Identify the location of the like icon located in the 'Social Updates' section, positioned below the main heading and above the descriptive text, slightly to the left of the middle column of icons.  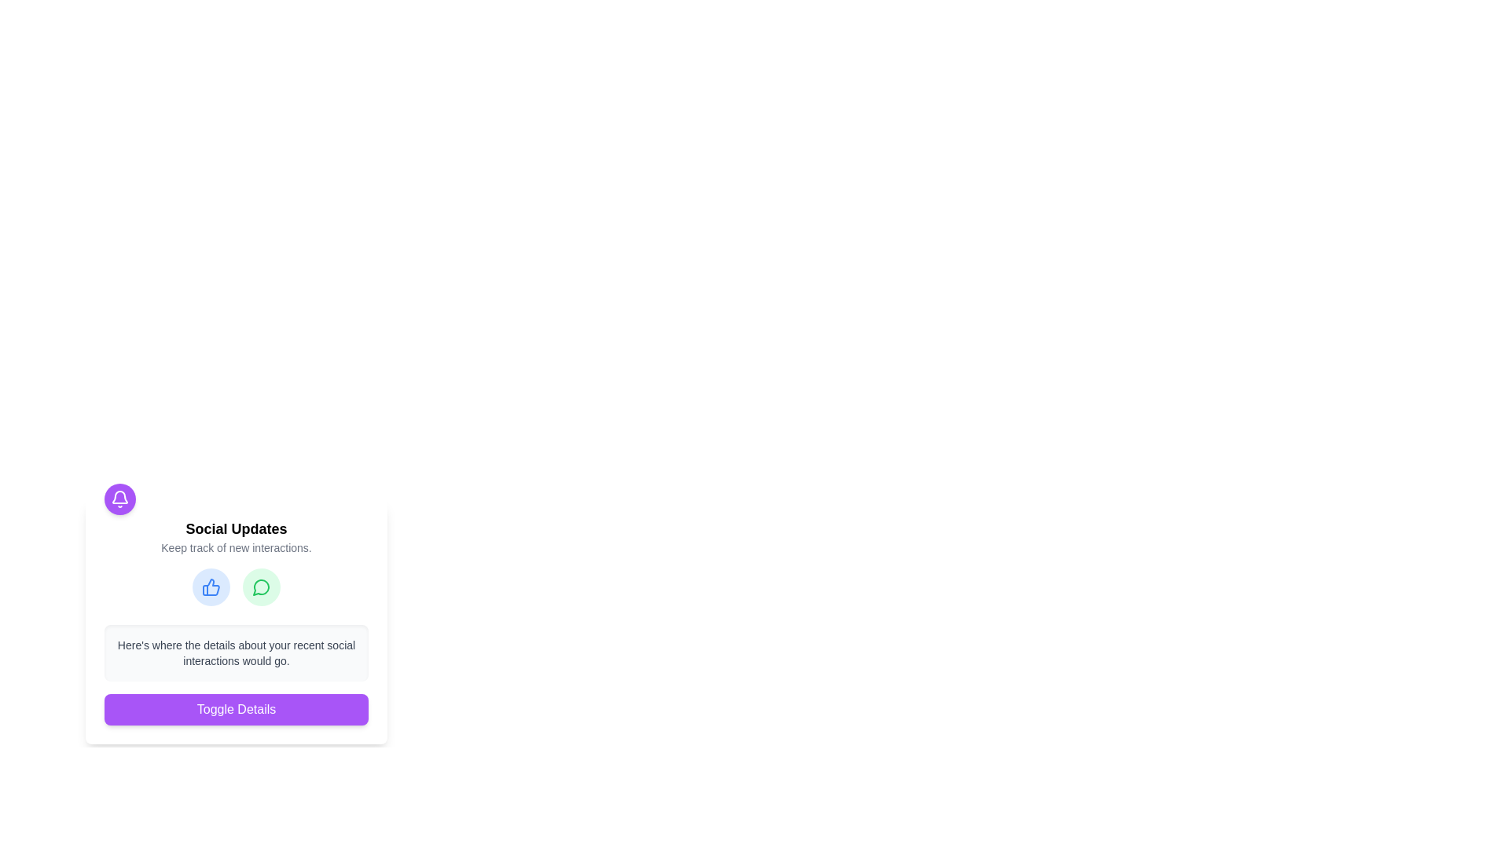
(210, 587).